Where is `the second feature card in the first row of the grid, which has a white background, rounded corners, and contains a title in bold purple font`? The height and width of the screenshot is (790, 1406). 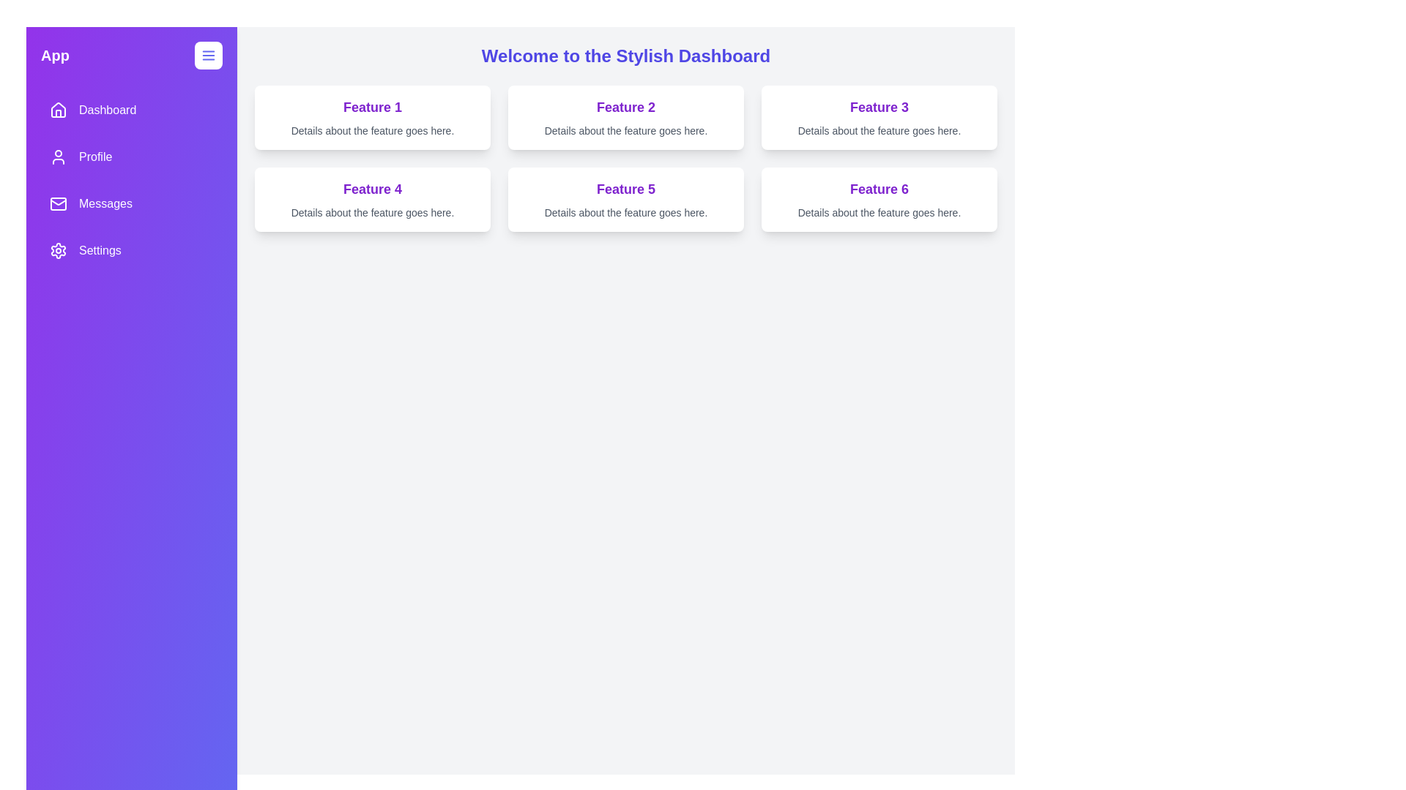 the second feature card in the first row of the grid, which has a white background, rounded corners, and contains a title in bold purple font is located at coordinates (625, 117).